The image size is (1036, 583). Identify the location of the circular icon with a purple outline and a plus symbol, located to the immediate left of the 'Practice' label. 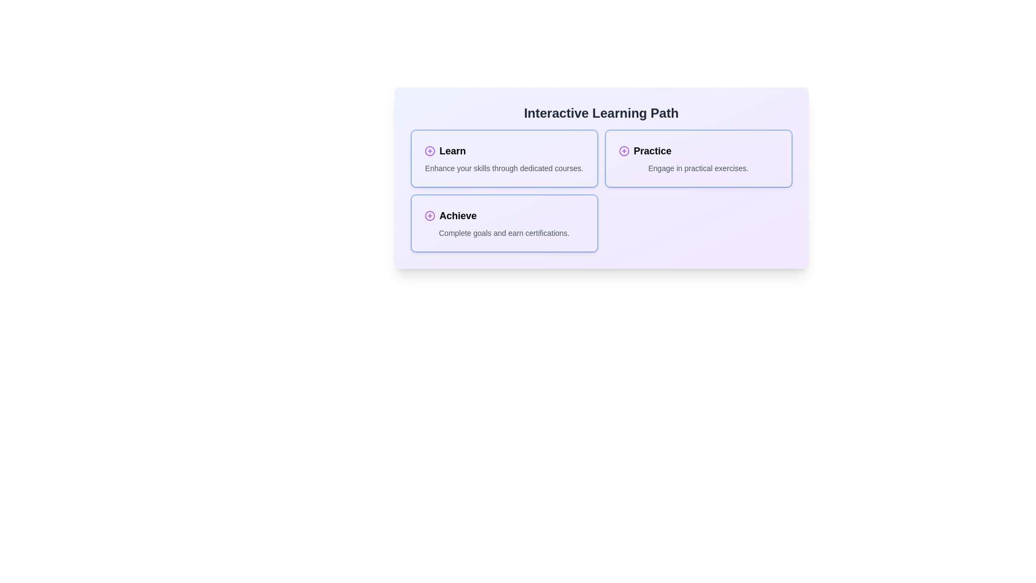
(624, 151).